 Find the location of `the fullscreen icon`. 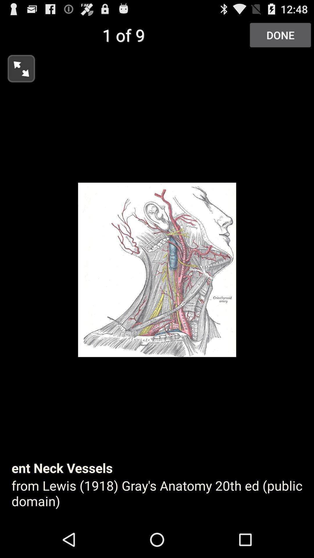

the fullscreen icon is located at coordinates (17, 71).